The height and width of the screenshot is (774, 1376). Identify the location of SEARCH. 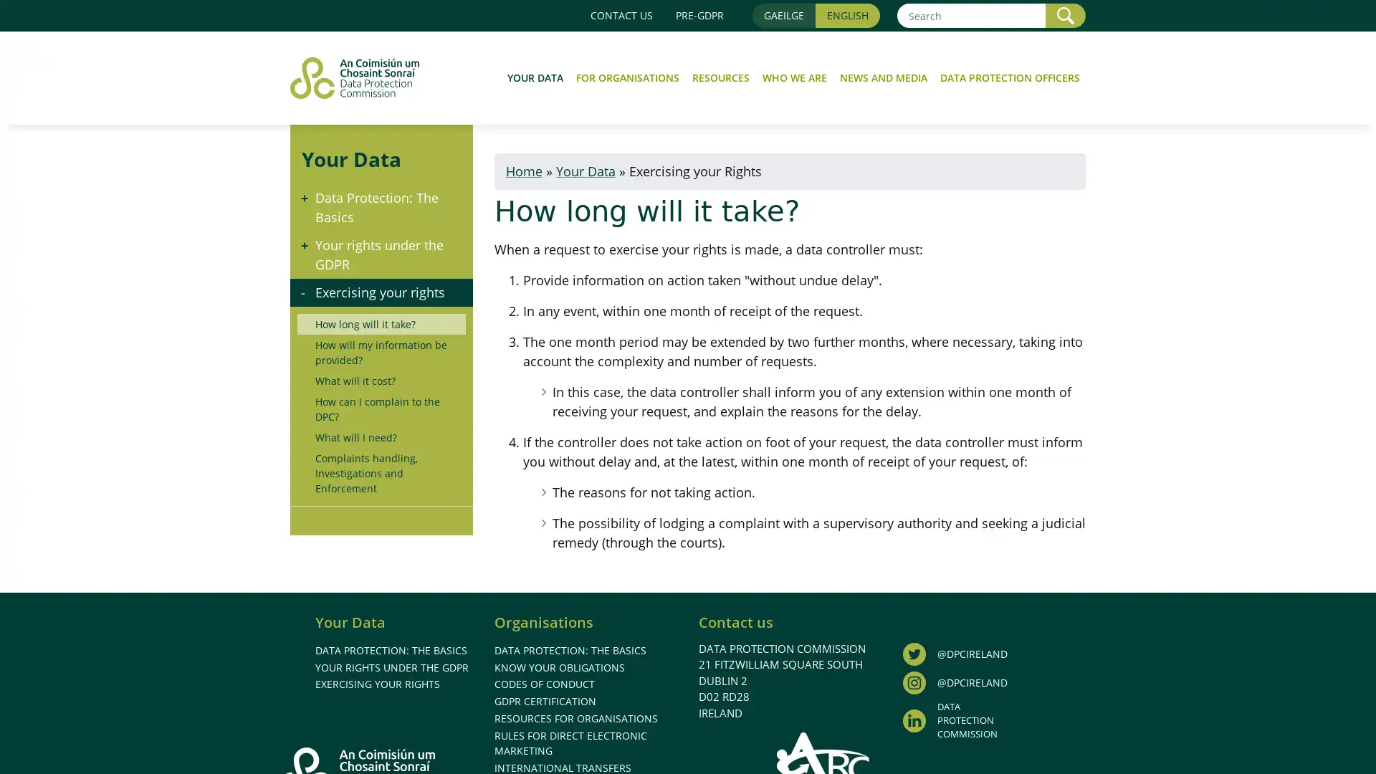
(1066, 15).